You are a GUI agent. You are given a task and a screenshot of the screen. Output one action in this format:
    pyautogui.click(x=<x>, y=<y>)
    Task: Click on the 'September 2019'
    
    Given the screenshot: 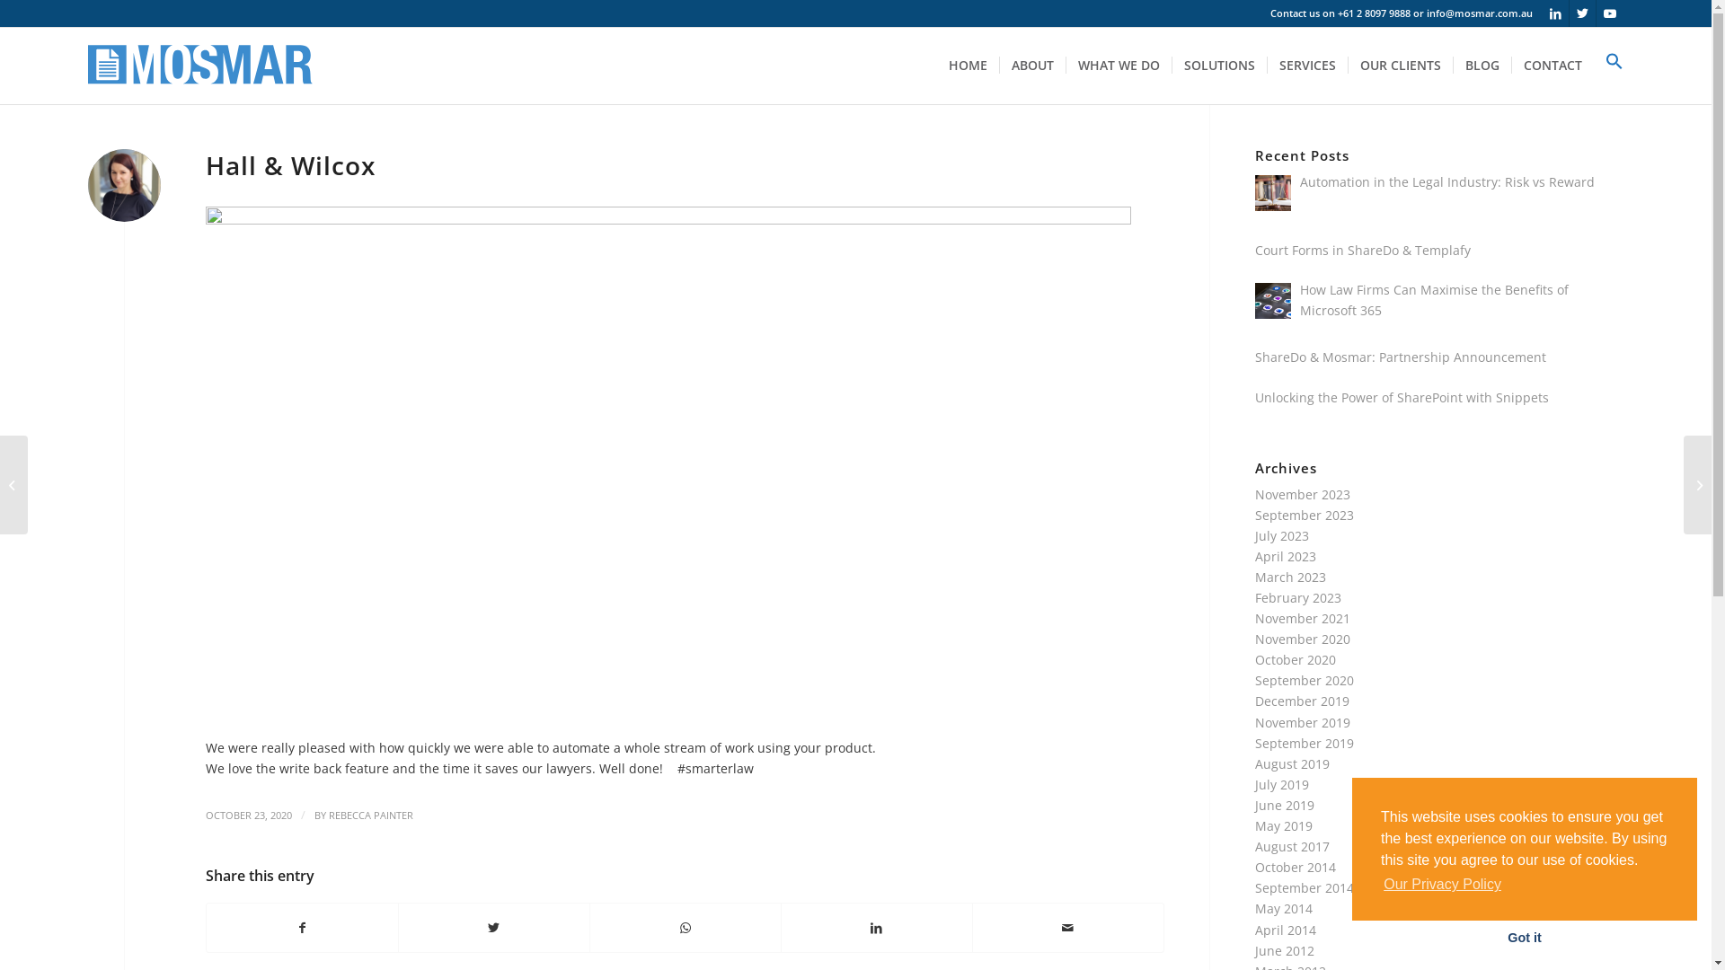 What is the action you would take?
    pyautogui.click(x=1305, y=743)
    